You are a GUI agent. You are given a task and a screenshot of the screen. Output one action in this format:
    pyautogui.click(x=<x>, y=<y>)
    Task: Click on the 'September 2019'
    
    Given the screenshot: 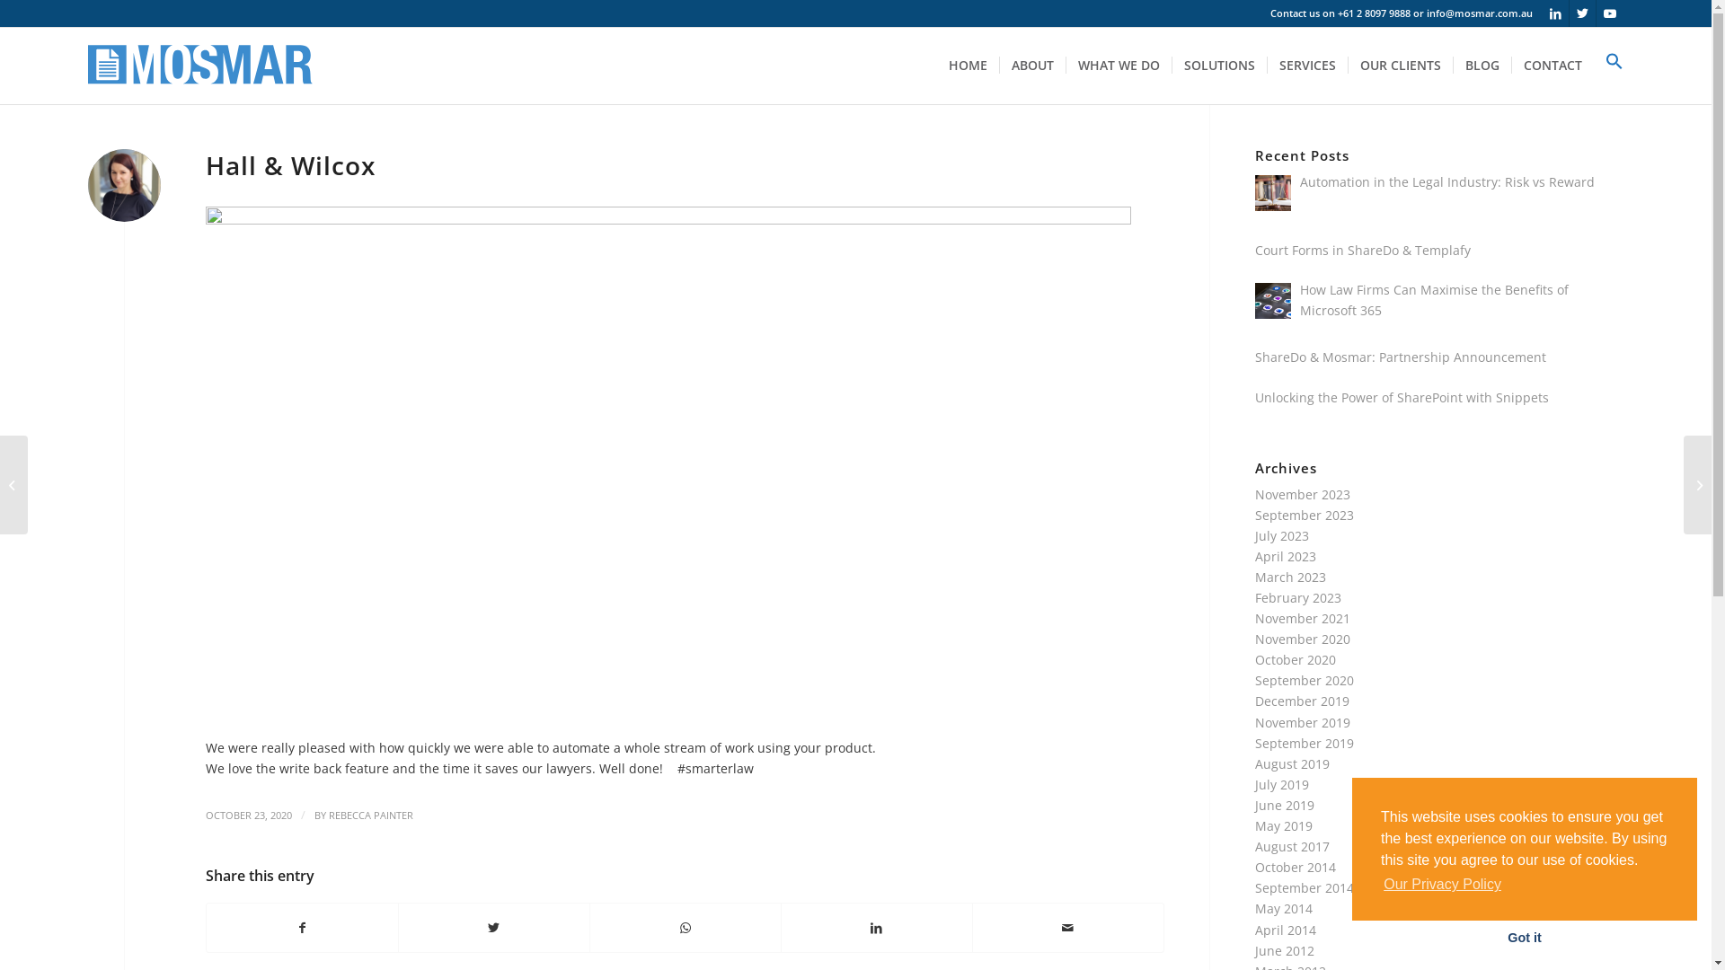 What is the action you would take?
    pyautogui.click(x=1305, y=743)
    